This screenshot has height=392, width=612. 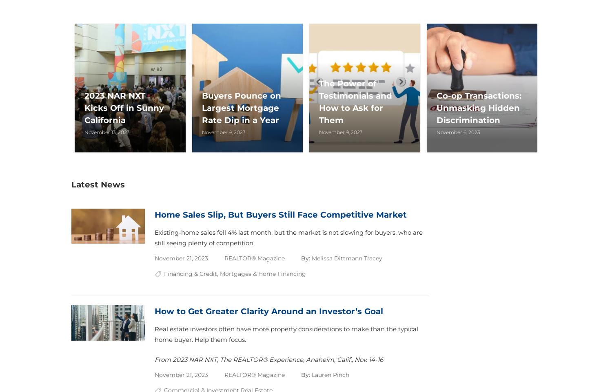 I want to click on 'Real estate investors often have more property considerations to make than the typical home buyer. Help them focus.', so click(x=286, y=334).